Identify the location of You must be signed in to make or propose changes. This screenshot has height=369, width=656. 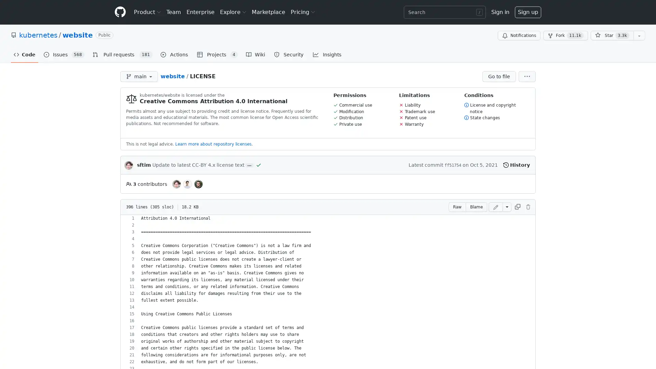
(528, 206).